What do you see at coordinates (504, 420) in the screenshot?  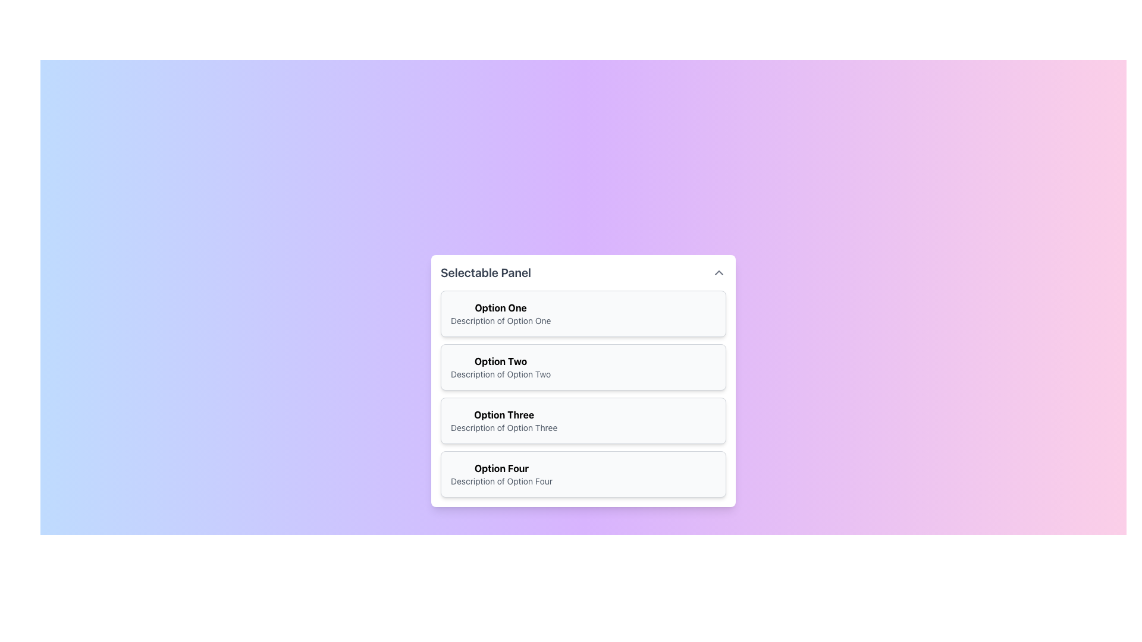 I see `the List Item element labeled 'Option Three'` at bounding box center [504, 420].